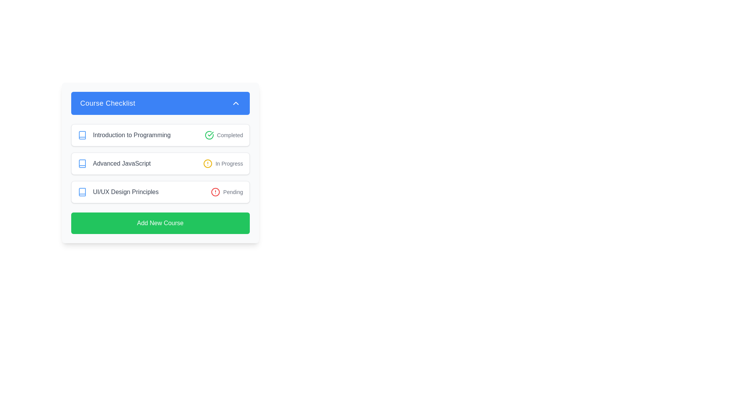 This screenshot has width=739, height=415. Describe the element at coordinates (160, 192) in the screenshot. I see `the Information card displaying the status and title of the course 'UI/UX Design Principles', which is the third item in the vertical list of course cards` at that location.